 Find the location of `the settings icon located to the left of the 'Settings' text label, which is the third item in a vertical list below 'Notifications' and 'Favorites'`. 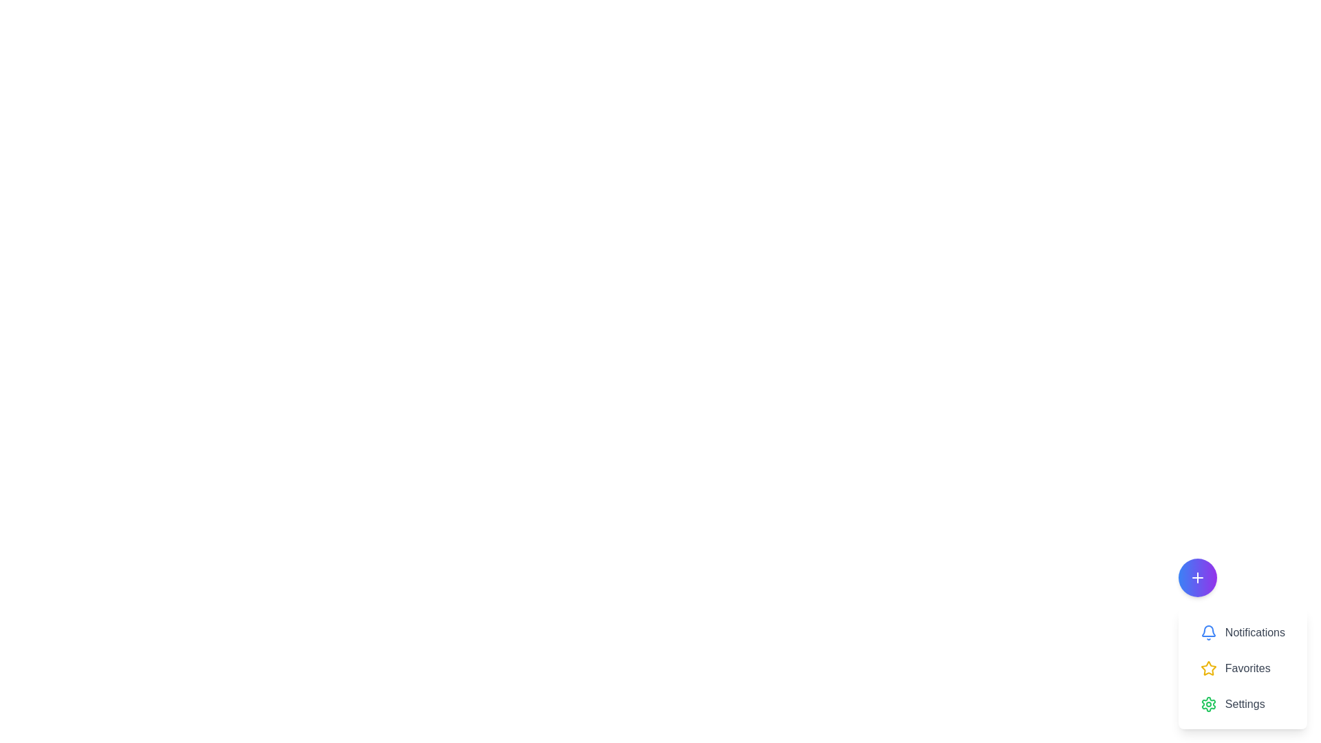

the settings icon located to the left of the 'Settings' text label, which is the third item in a vertical list below 'Notifications' and 'Favorites' is located at coordinates (1207, 704).